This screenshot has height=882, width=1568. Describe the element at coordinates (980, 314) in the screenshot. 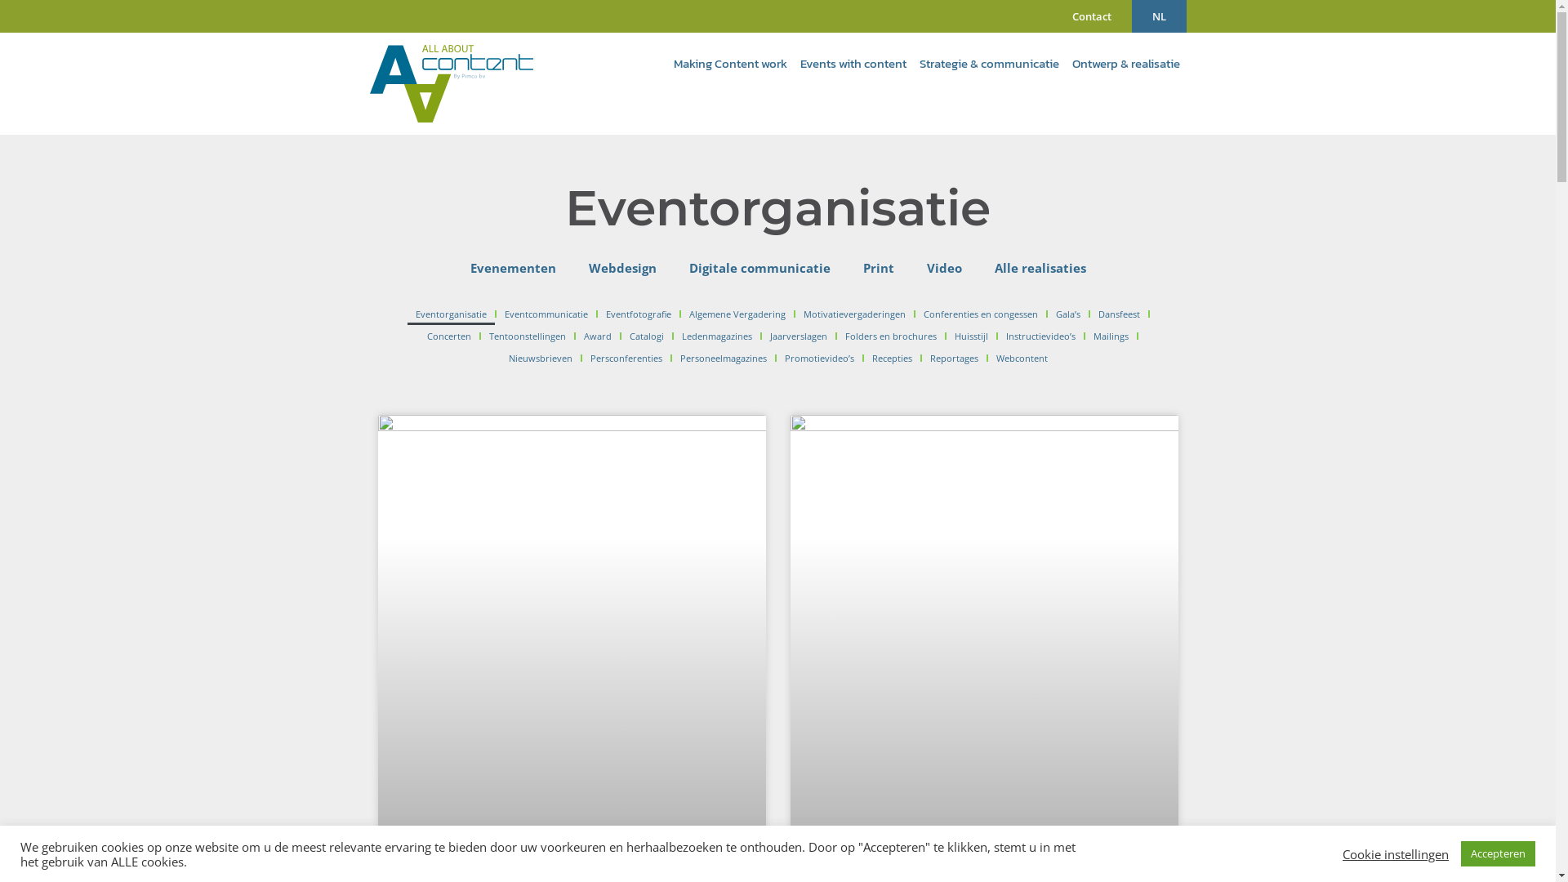

I see `'Conferenties en congessen'` at that location.